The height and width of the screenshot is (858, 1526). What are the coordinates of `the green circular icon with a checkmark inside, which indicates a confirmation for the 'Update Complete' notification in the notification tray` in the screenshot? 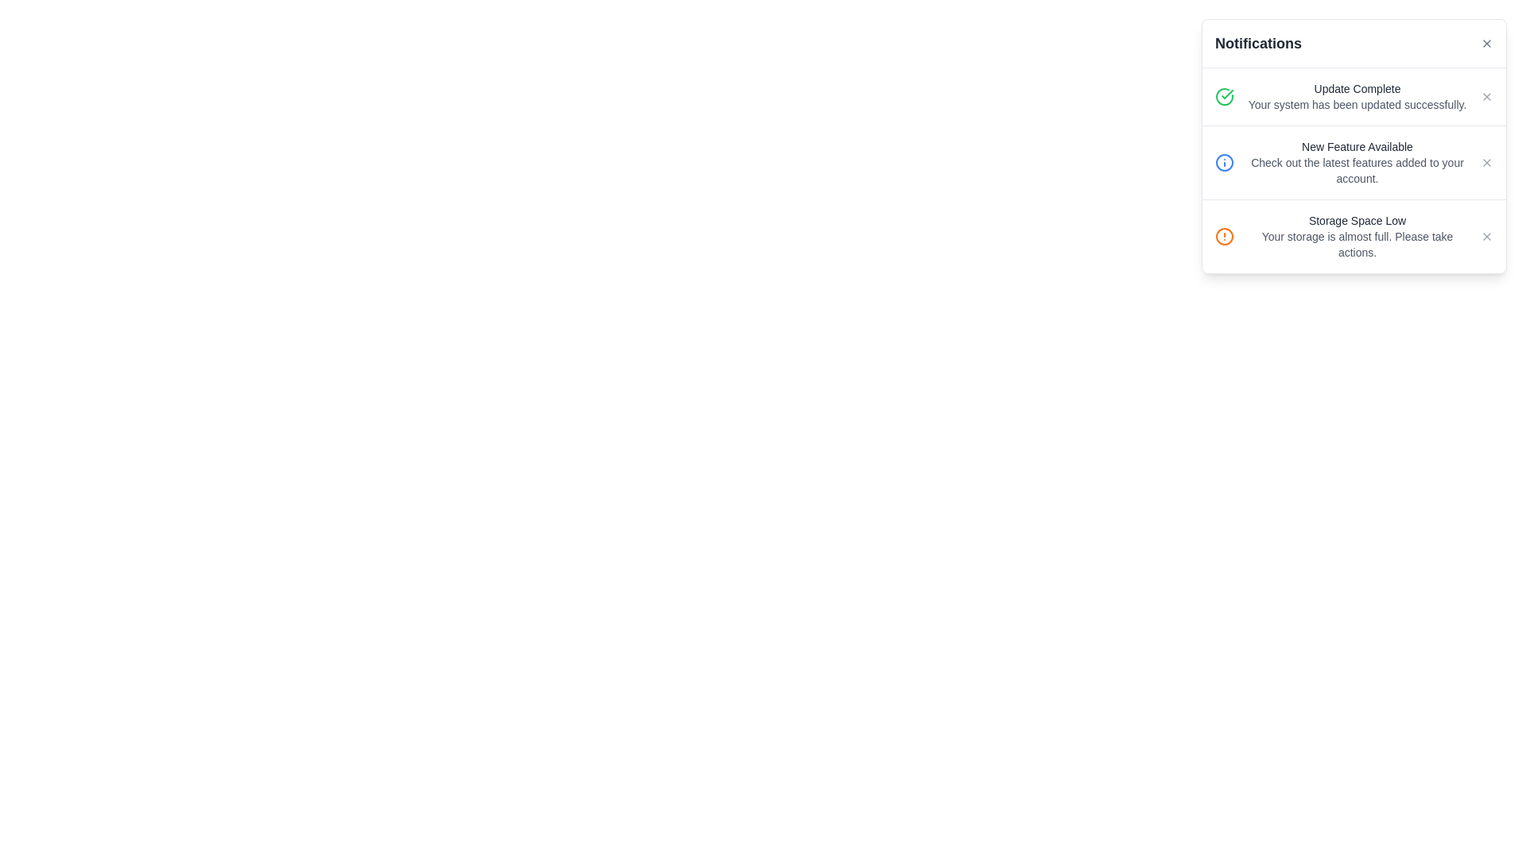 It's located at (1223, 97).